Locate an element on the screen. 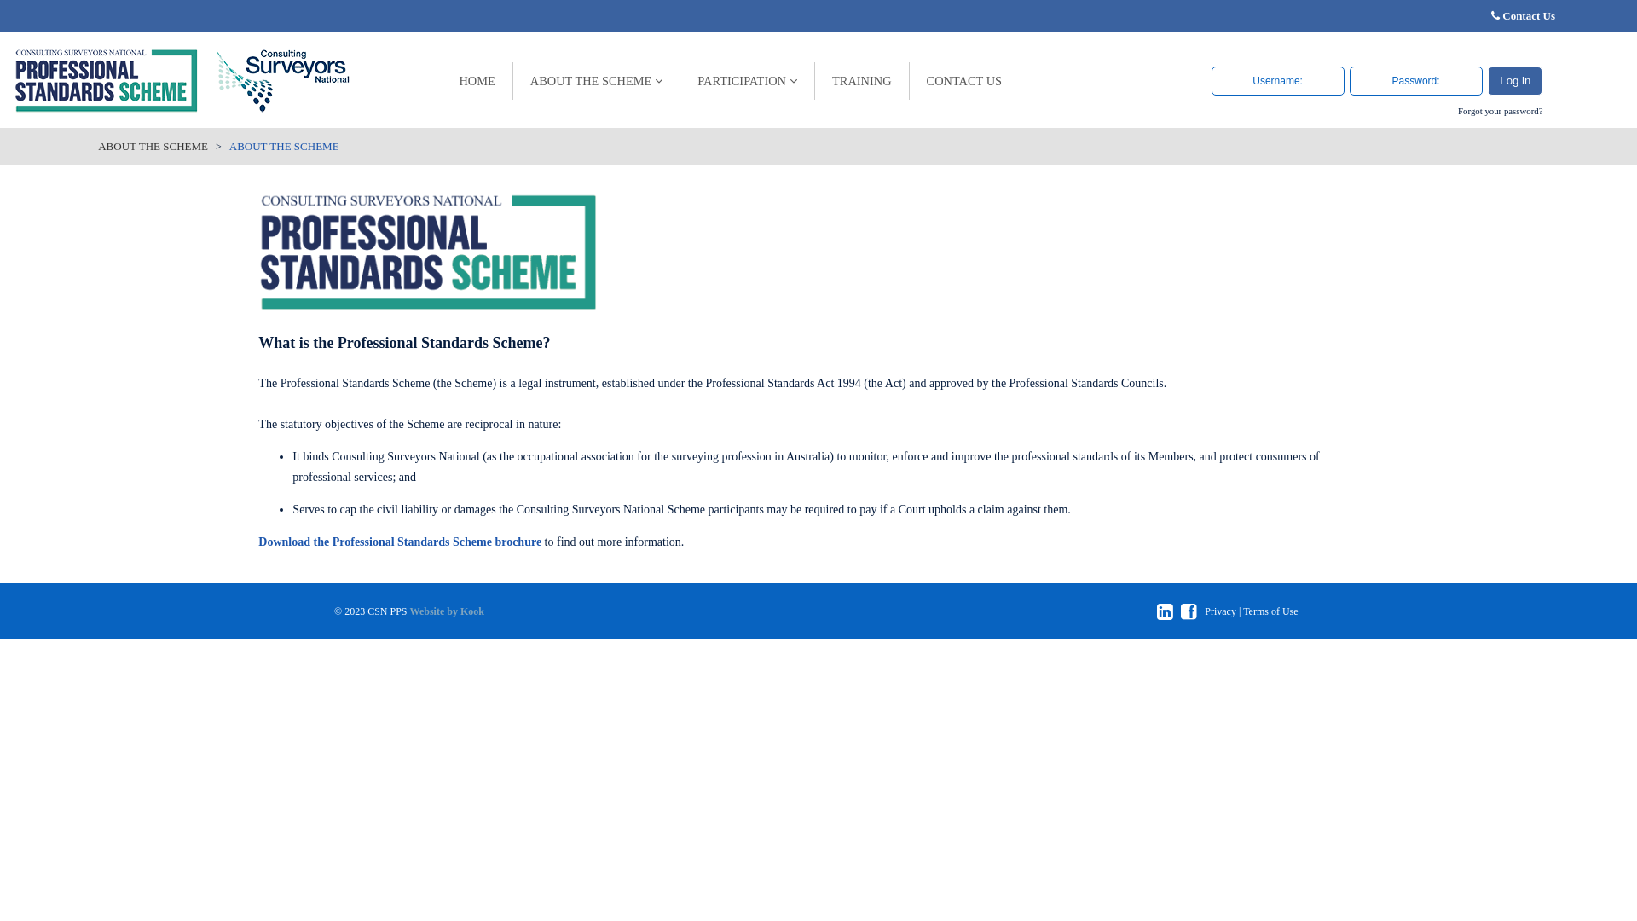 This screenshot has width=1637, height=921. 'Download the Professional Standards Scheme brochure' is located at coordinates (257, 542).